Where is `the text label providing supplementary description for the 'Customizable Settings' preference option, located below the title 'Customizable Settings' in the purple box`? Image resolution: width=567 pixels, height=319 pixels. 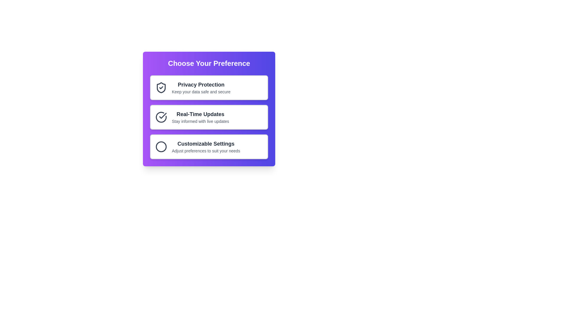 the text label providing supplementary description for the 'Customizable Settings' preference option, located below the title 'Customizable Settings' in the purple box is located at coordinates (206, 150).